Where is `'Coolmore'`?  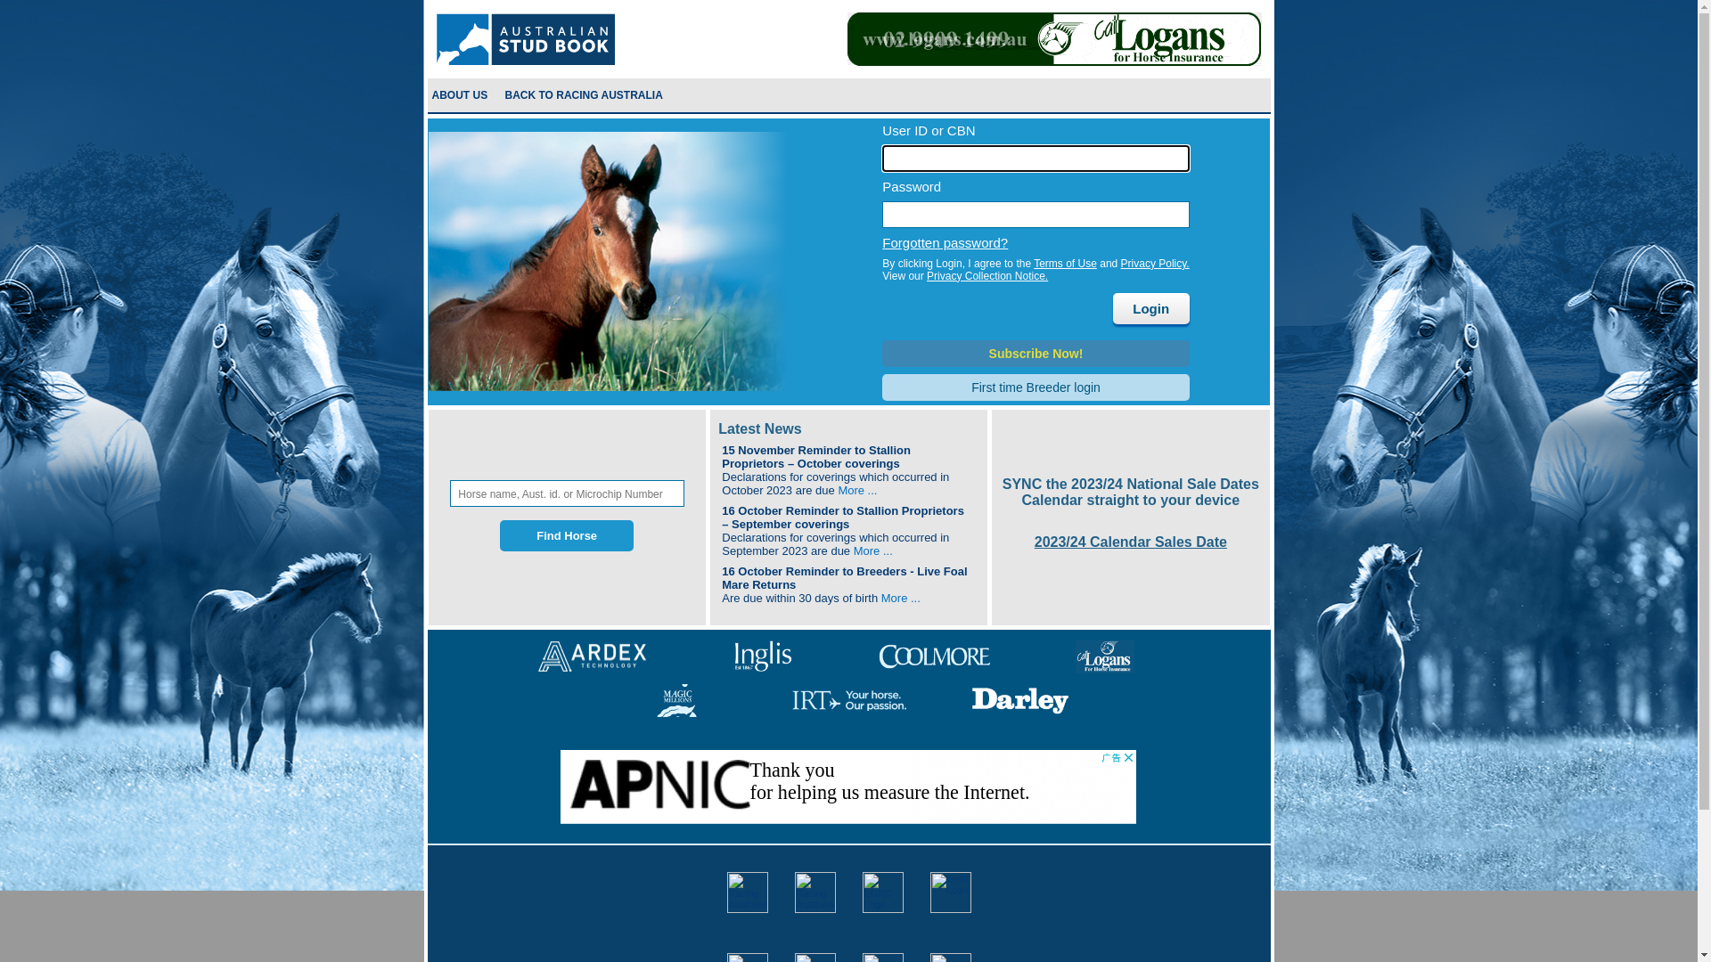
'Coolmore' is located at coordinates (933, 656).